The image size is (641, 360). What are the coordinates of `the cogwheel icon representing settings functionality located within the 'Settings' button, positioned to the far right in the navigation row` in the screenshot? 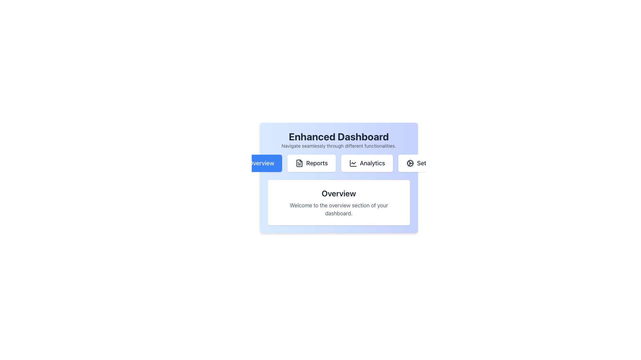 It's located at (410, 163).